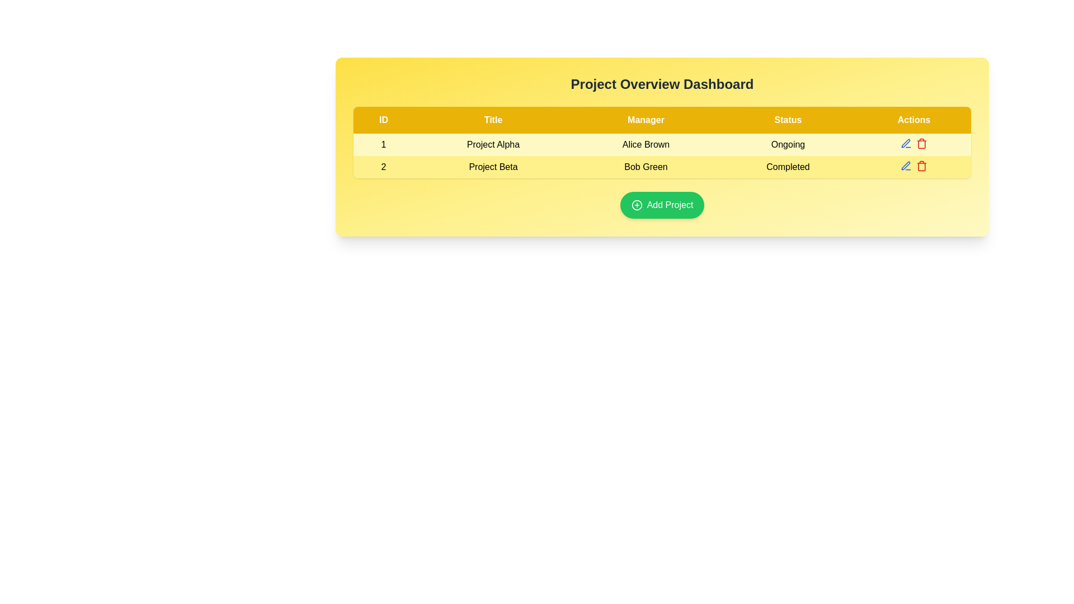 The width and height of the screenshot is (1074, 604). What do you see at coordinates (921, 143) in the screenshot?
I see `the delete icon button located in the Actions column of the second row in the table` at bounding box center [921, 143].